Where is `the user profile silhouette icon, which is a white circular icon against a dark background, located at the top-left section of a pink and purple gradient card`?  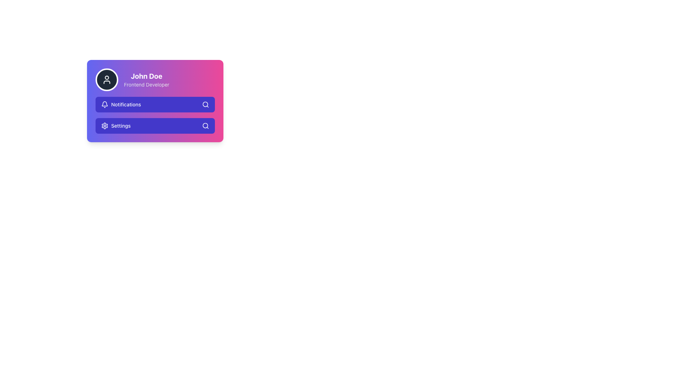
the user profile silhouette icon, which is a white circular icon against a dark background, located at the top-left section of a pink and purple gradient card is located at coordinates (107, 79).